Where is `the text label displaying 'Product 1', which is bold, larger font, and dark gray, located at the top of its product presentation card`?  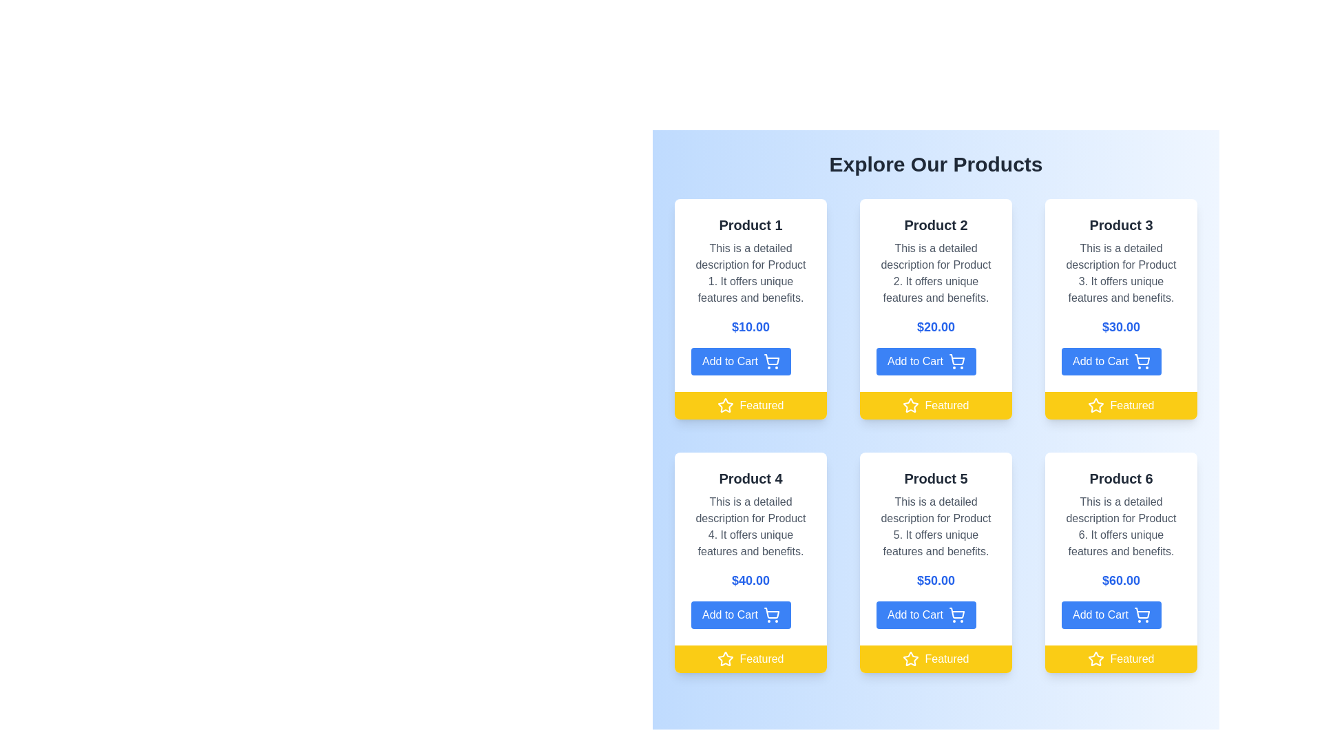
the text label displaying 'Product 1', which is bold, larger font, and dark gray, located at the top of its product presentation card is located at coordinates (750, 225).